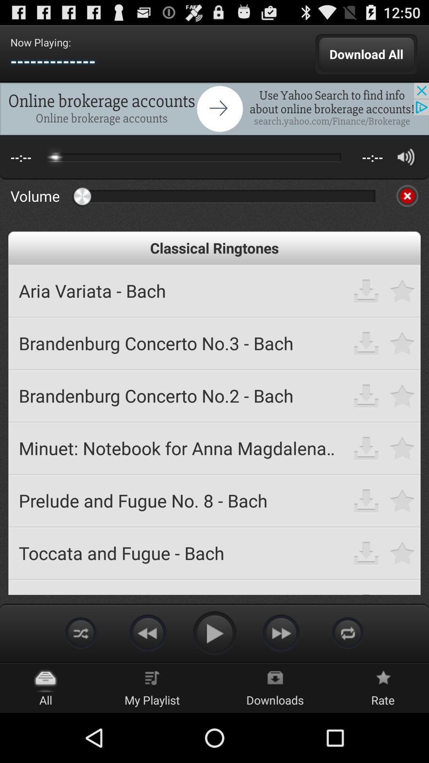  I want to click on download song, so click(366, 552).